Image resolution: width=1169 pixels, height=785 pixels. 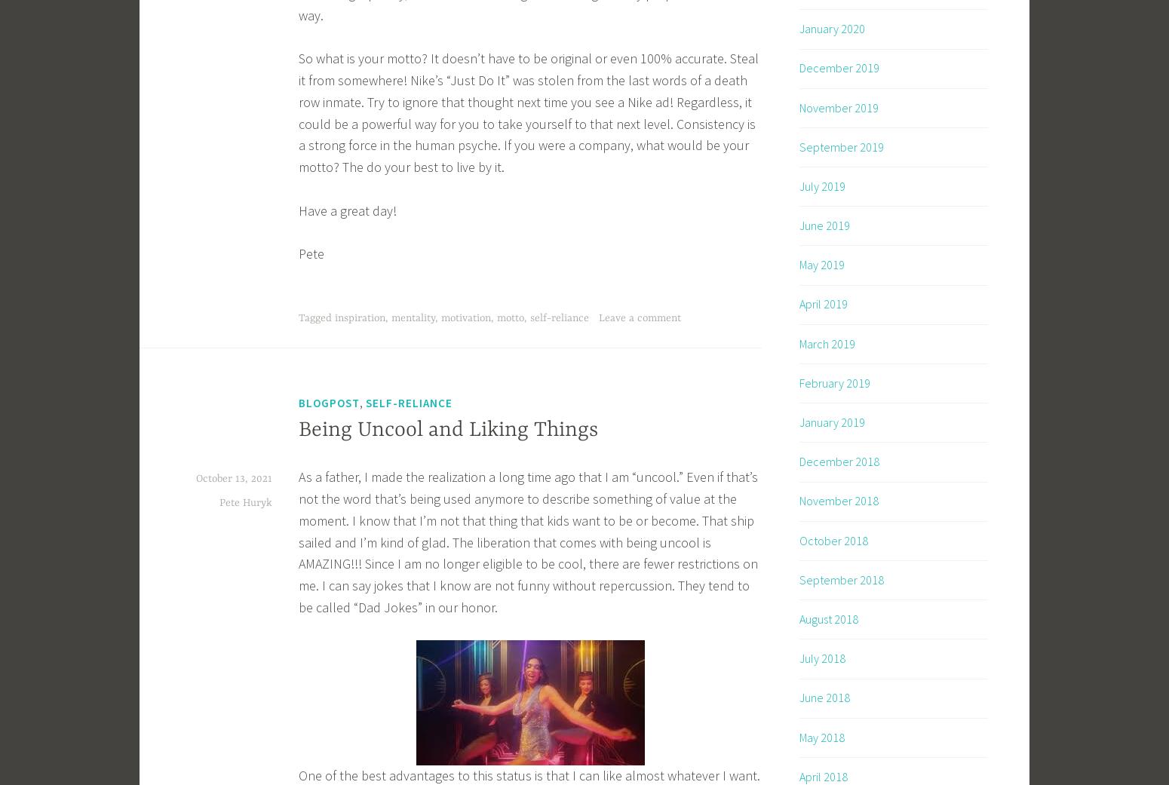 I want to click on 'January 2019', so click(x=831, y=422).